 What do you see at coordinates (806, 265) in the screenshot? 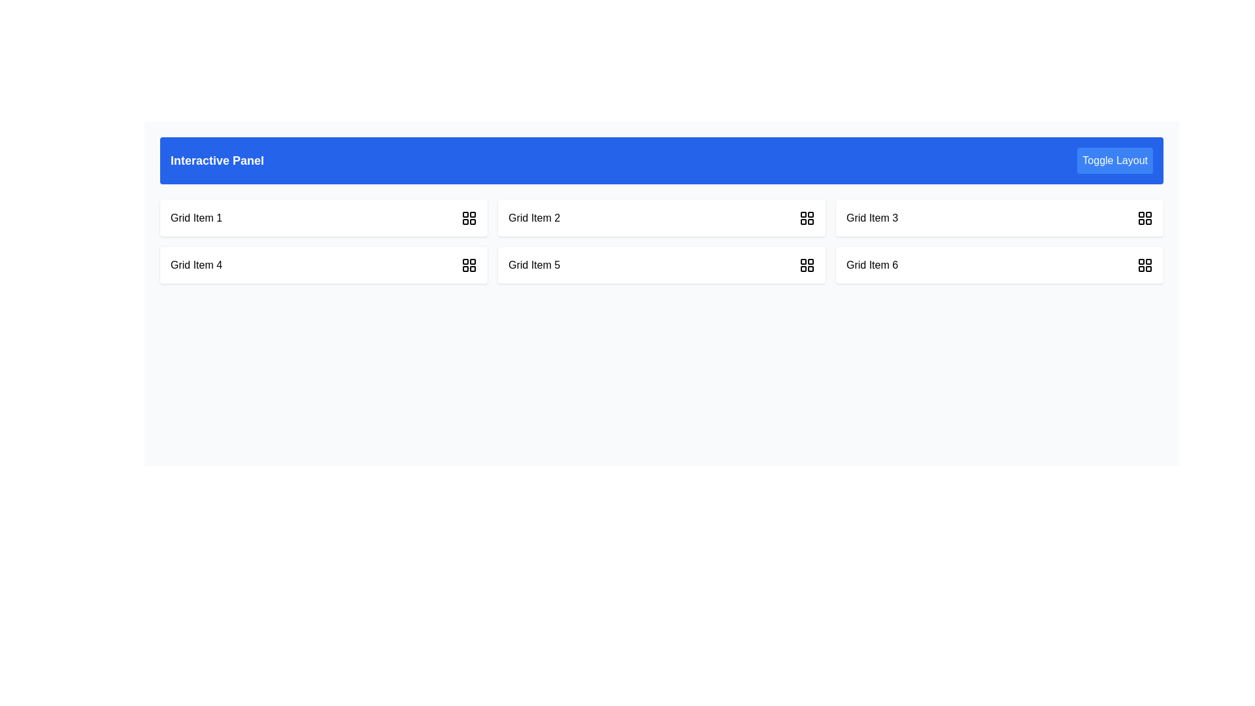
I see `the icon associated with 'Grid Item 5' located to the far right of the text` at bounding box center [806, 265].